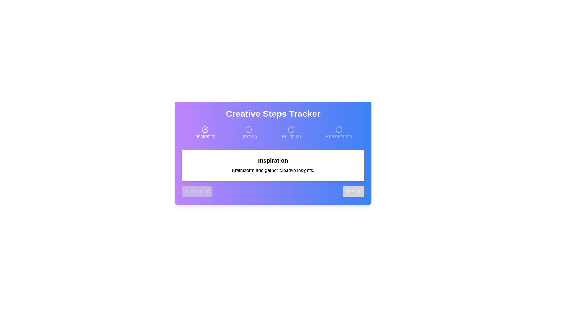 The width and height of the screenshot is (562, 316). Describe the element at coordinates (338, 133) in the screenshot. I see `the step Presentation in the progress tracker` at that location.